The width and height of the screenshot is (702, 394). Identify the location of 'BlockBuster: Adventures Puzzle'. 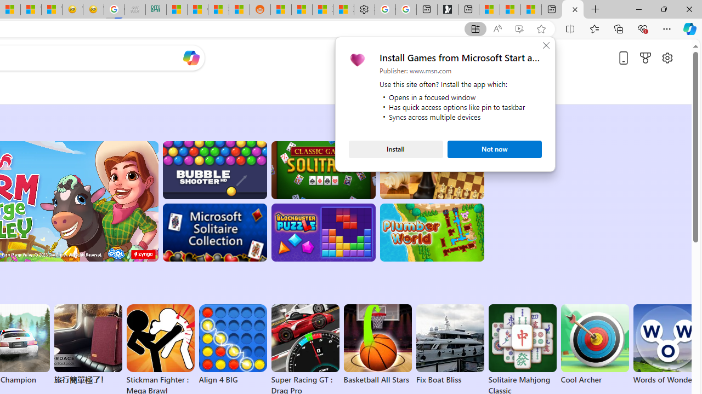
(322, 232).